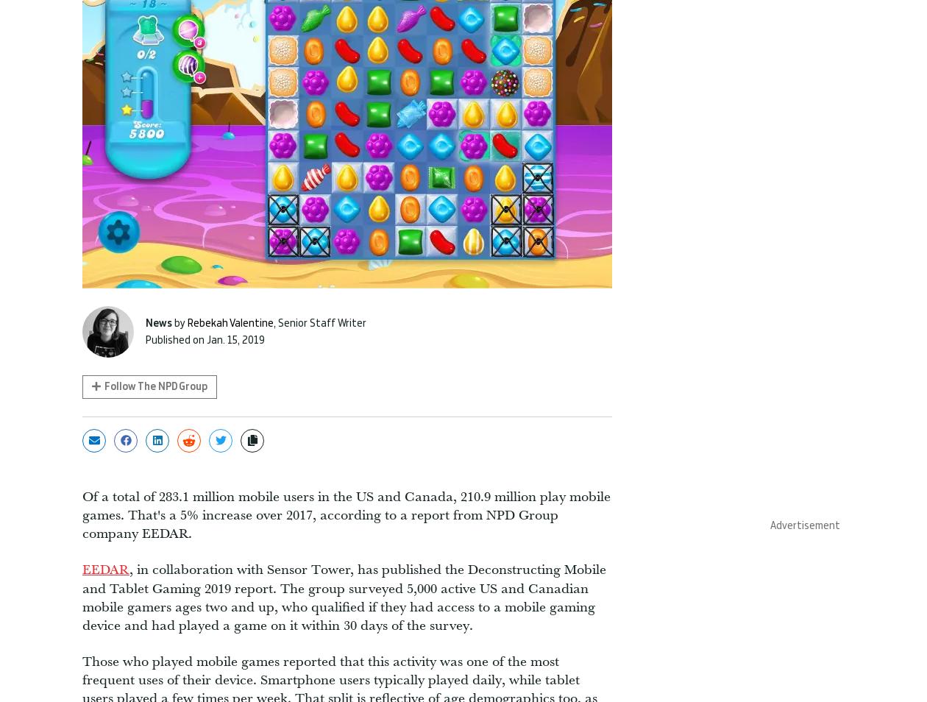  Describe the element at coordinates (573, 82) in the screenshot. I see `'Black Myth: Wukong dev accused of sexist recruitment and social media posts'` at that location.